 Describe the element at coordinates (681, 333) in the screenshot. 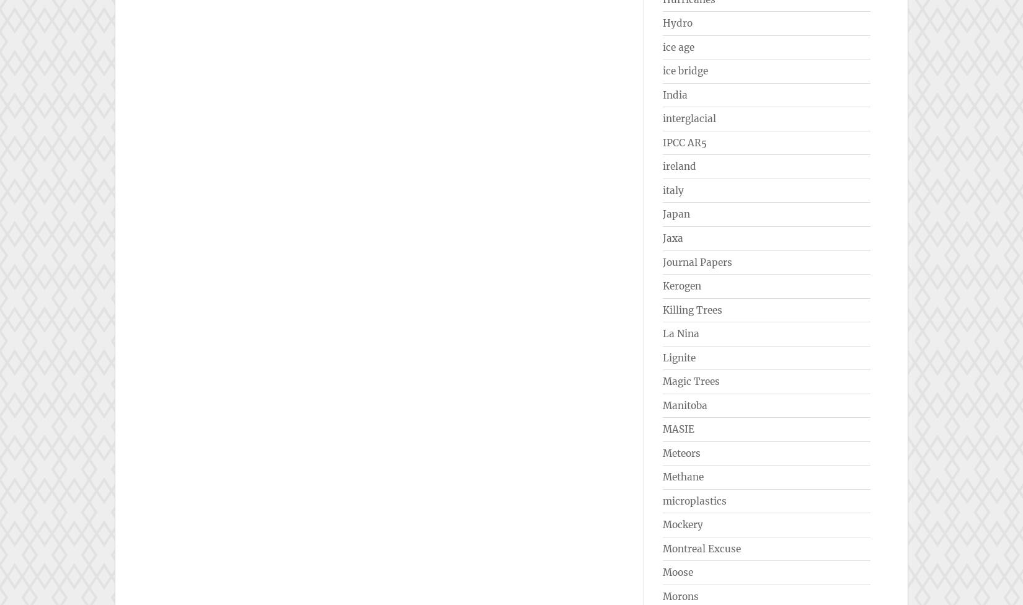

I see `'La Nina'` at that location.